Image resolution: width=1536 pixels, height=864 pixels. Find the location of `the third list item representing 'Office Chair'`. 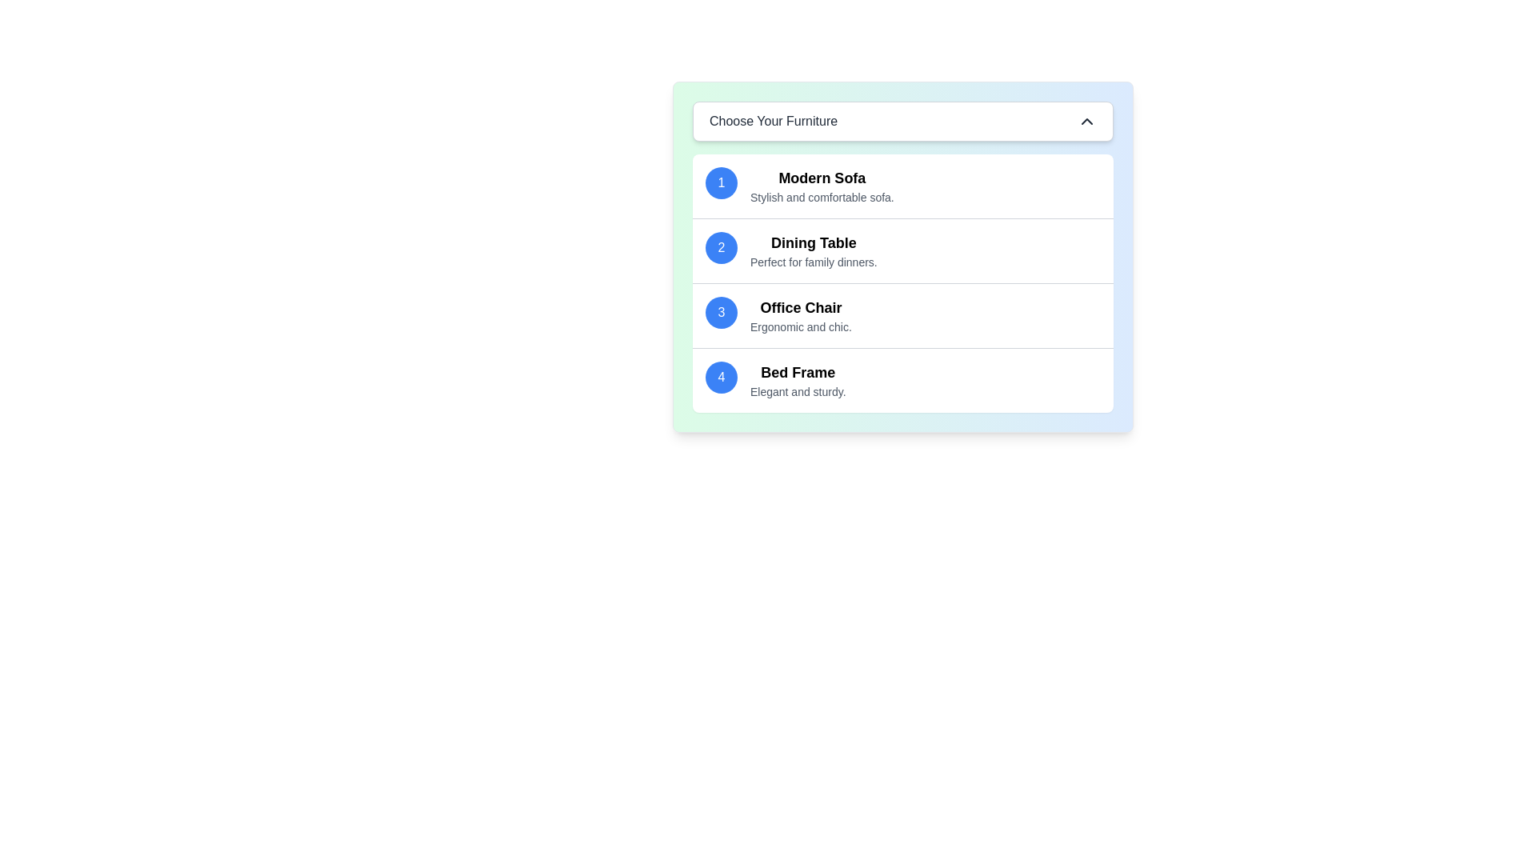

the third list item representing 'Office Chair' is located at coordinates (902, 314).